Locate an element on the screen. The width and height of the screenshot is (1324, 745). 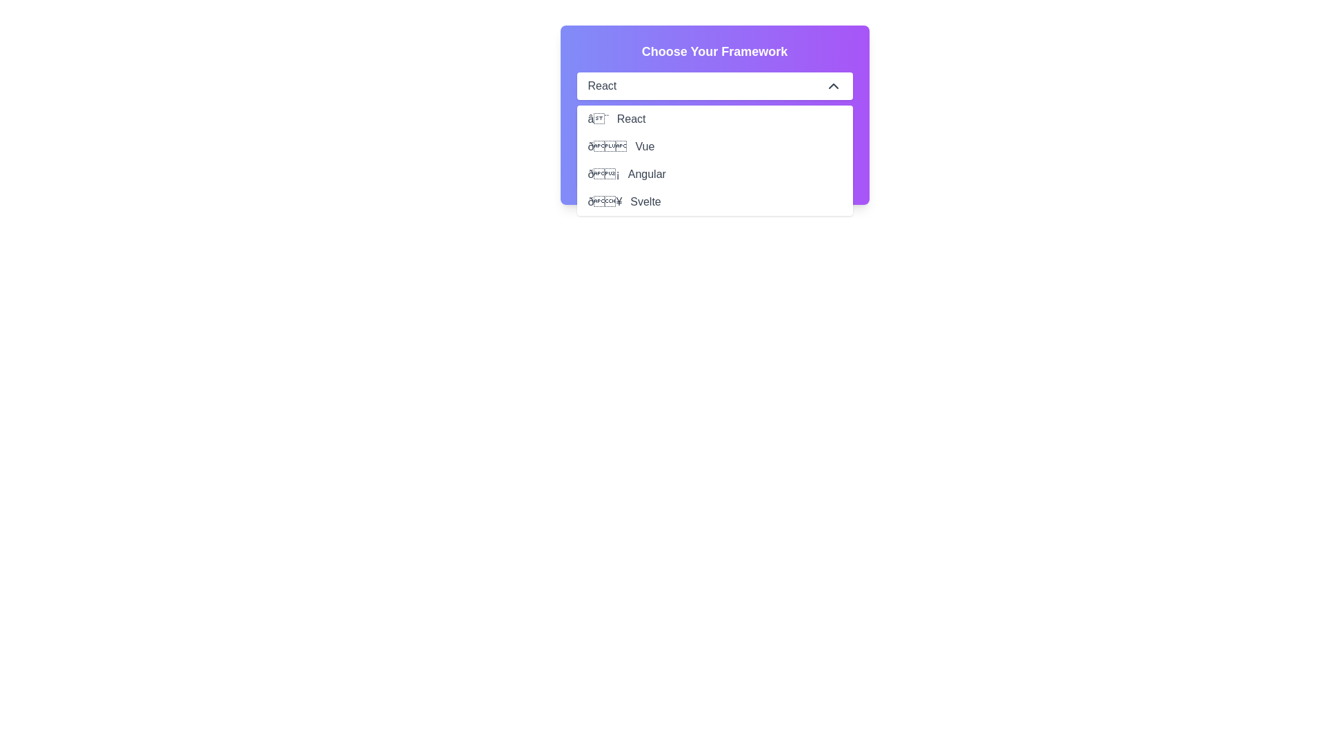
the flame emoji icon ('🔥') in the last row of the dropdown list under 'Choose Your Framework', located to the left of the text 'Svelte' is located at coordinates (605, 202).